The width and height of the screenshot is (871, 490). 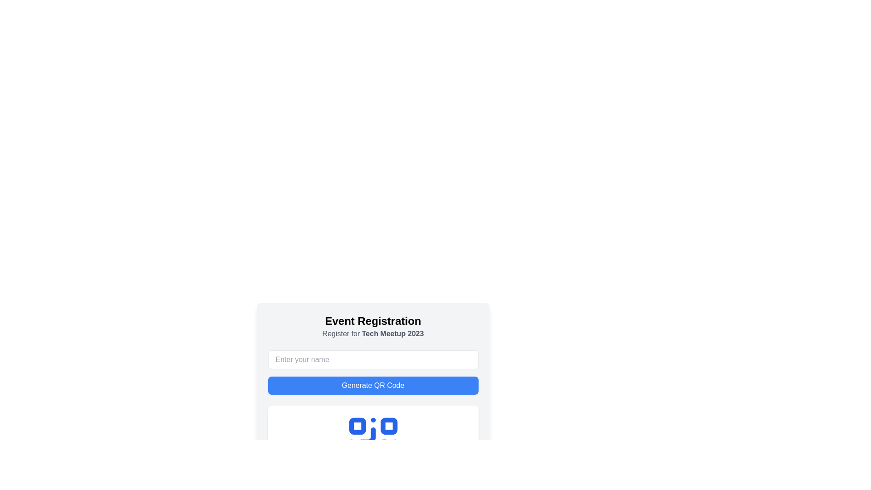 I want to click on text displayed in the Text Display component that shows 'Event Registration' and 'Register for Tech Meetup 2023', so click(x=373, y=327).